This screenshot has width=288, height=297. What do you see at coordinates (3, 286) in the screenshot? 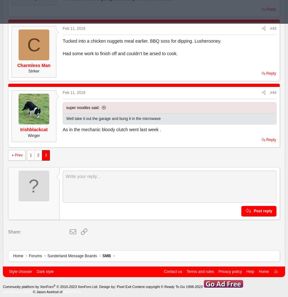
I see `'Community platform by XenForo'` at bounding box center [3, 286].